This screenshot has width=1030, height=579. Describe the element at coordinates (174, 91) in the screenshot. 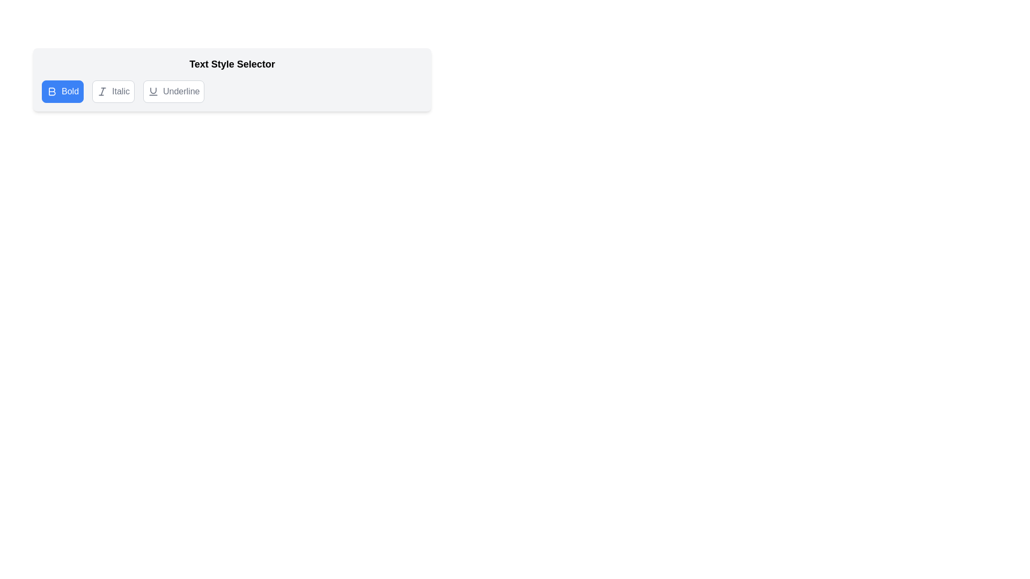

I see `the underline button located in the text-style selector group, which is the third button from the left` at that location.